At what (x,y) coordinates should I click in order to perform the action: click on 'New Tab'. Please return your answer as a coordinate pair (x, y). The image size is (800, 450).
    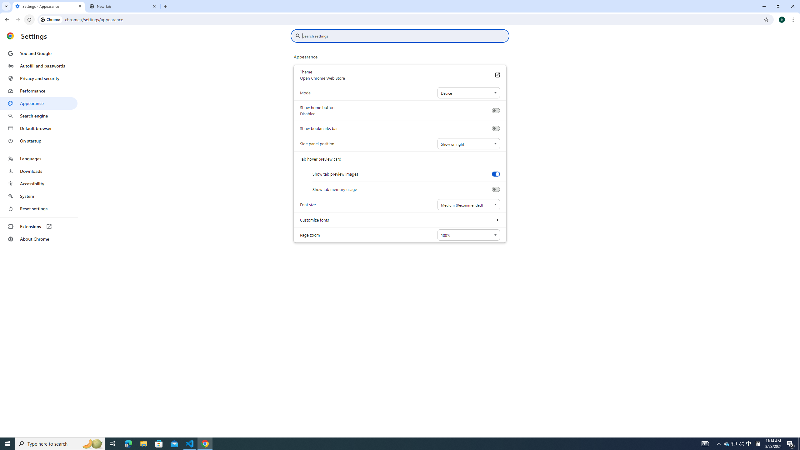
    Looking at the image, I should click on (123, 6).